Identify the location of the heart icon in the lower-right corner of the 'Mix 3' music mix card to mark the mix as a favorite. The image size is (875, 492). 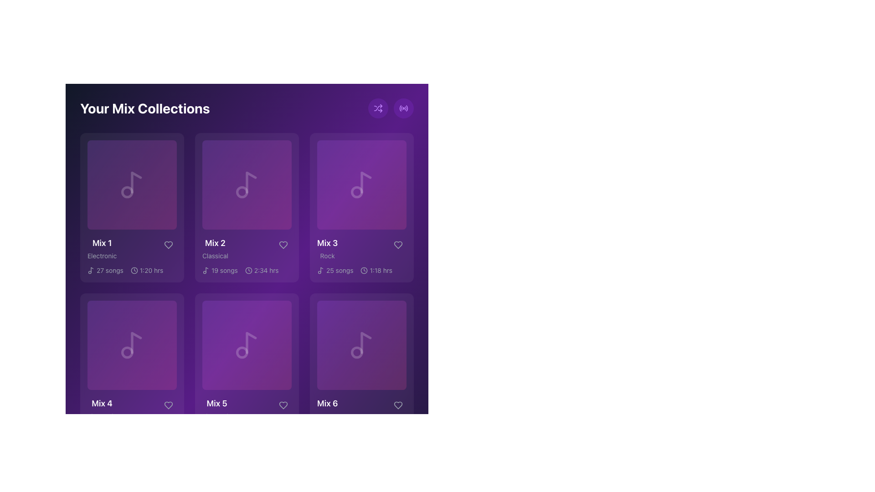
(398, 244).